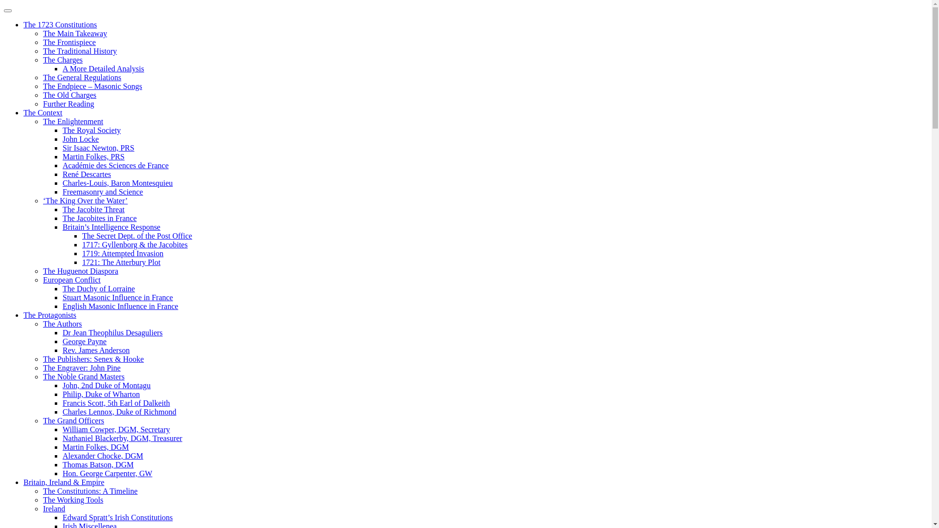  I want to click on 'John Locke', so click(80, 139).